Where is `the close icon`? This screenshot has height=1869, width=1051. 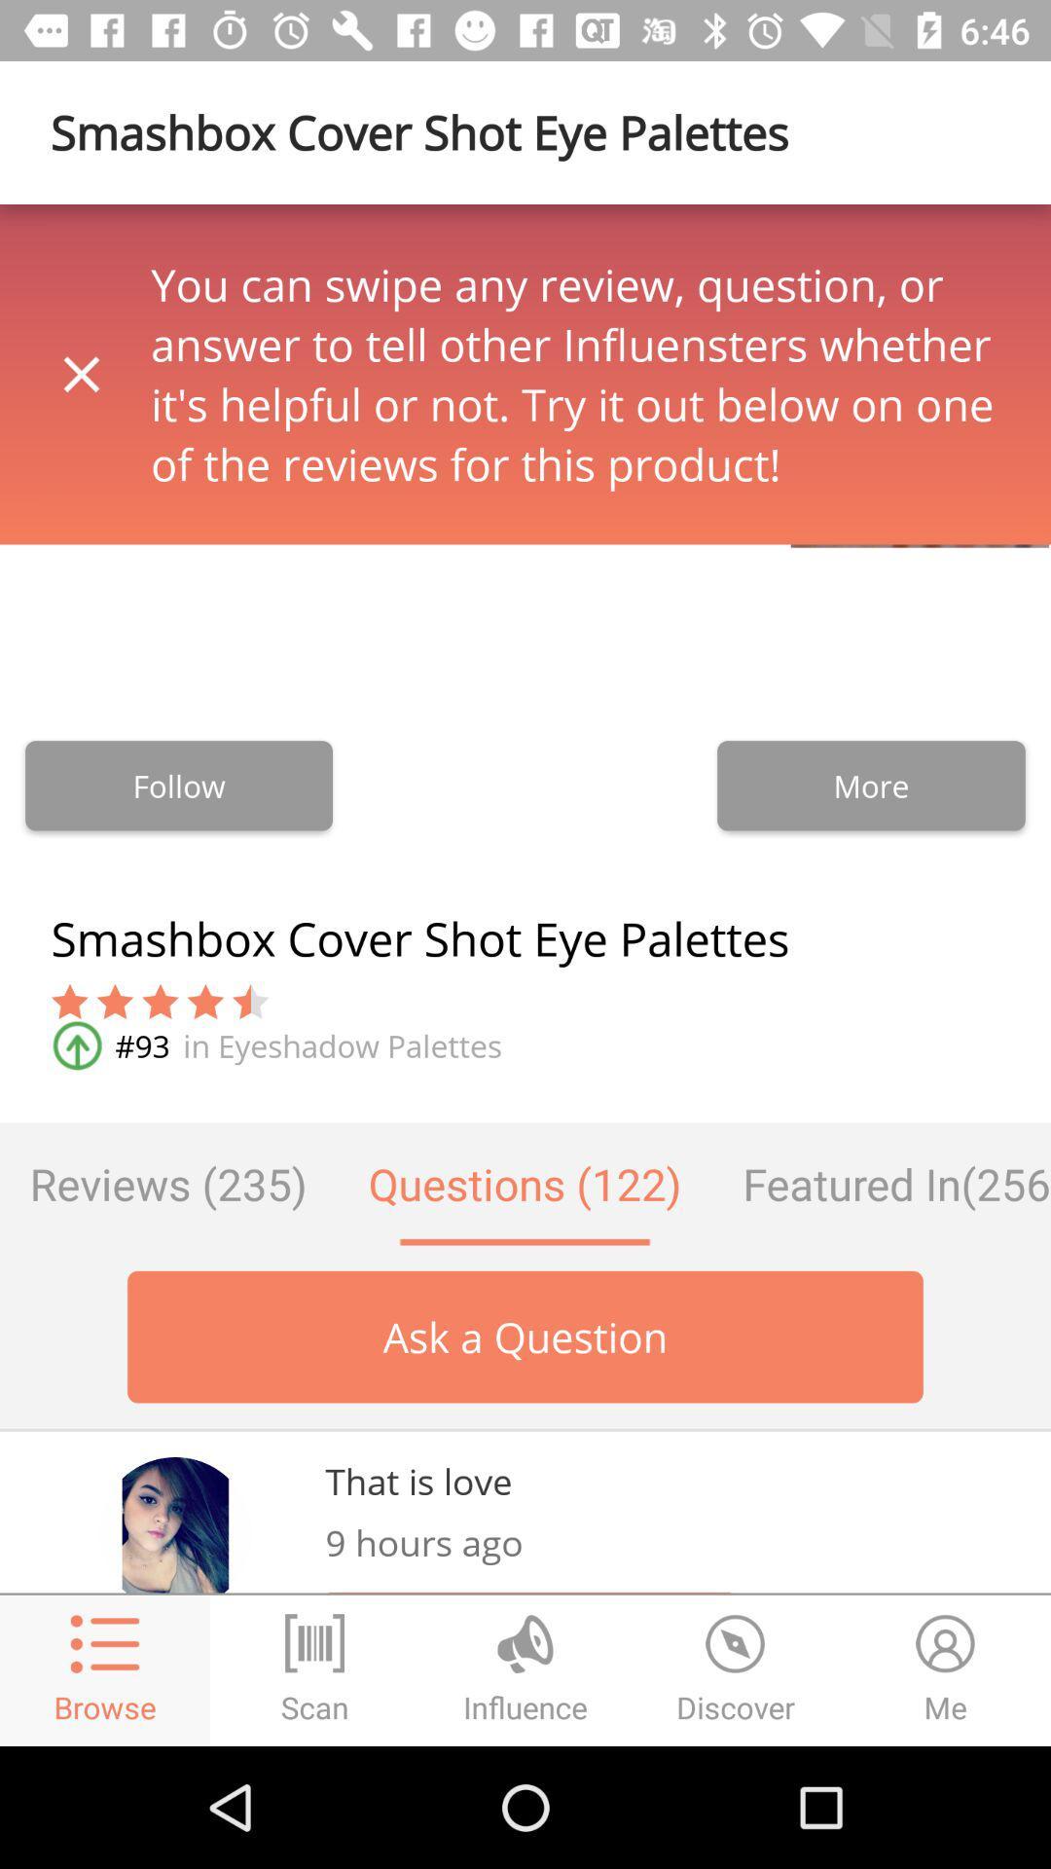 the close icon is located at coordinates (81, 374).